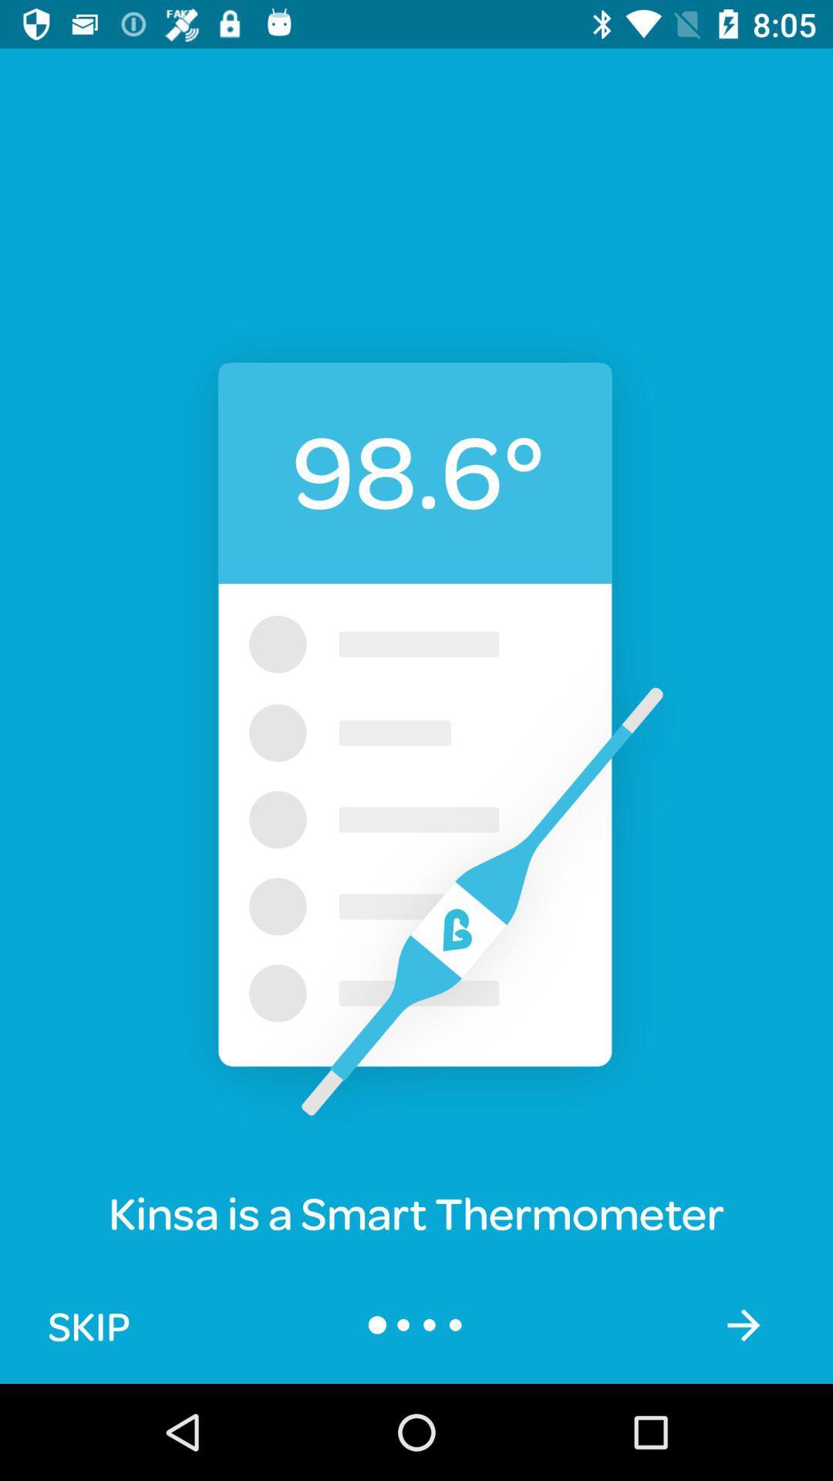  I want to click on the arrow_forward icon, so click(743, 1324).